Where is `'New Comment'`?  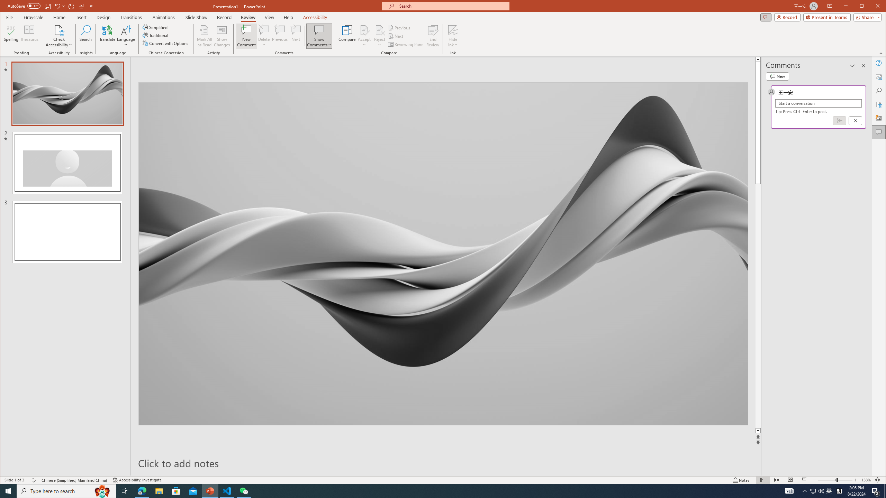
'New Comment' is located at coordinates (246, 36).